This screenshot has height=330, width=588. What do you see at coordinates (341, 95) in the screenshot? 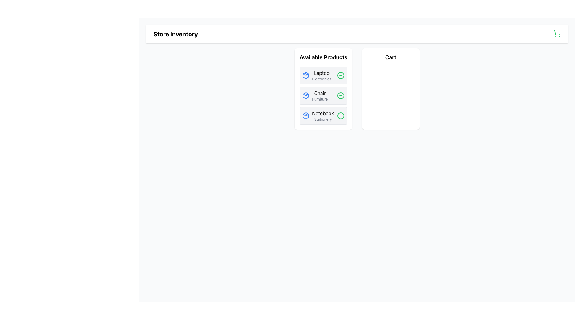
I see `the SVG Circle that serves as the outer part of the 'add' button for the 'Chair' item in the 'Available Products' section` at bounding box center [341, 95].